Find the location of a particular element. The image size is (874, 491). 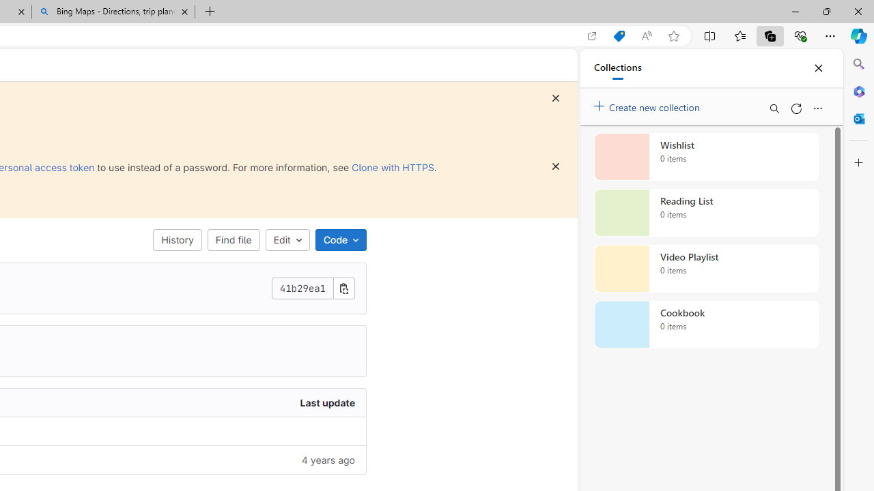

'Video Playlist collection, 0 items' is located at coordinates (706, 269).